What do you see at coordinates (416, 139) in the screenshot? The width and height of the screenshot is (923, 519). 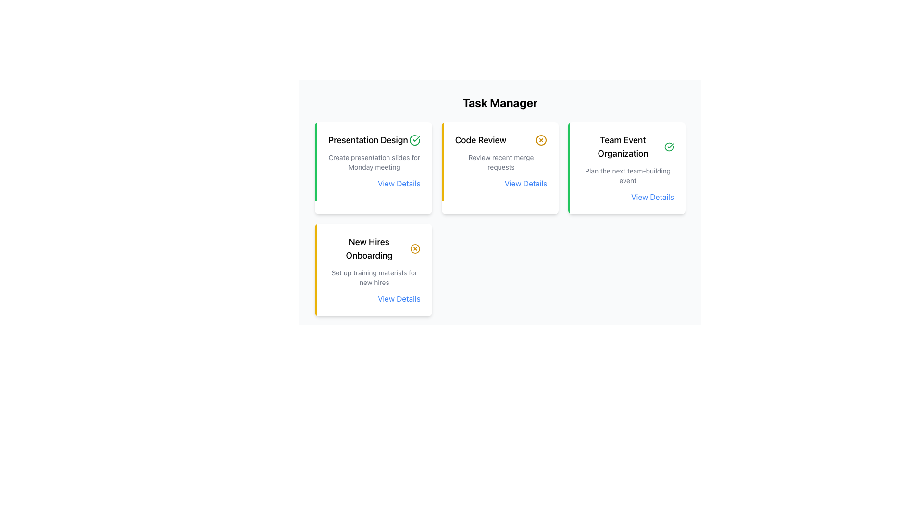 I see `the green checkmark icon located within the circular graphic at the top-right corner of the 'Presentation Design' card` at bounding box center [416, 139].